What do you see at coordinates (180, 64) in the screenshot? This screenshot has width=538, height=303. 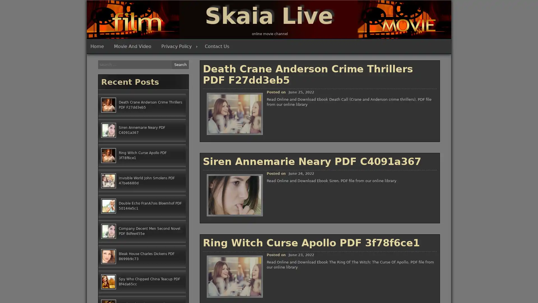 I see `Search` at bounding box center [180, 64].